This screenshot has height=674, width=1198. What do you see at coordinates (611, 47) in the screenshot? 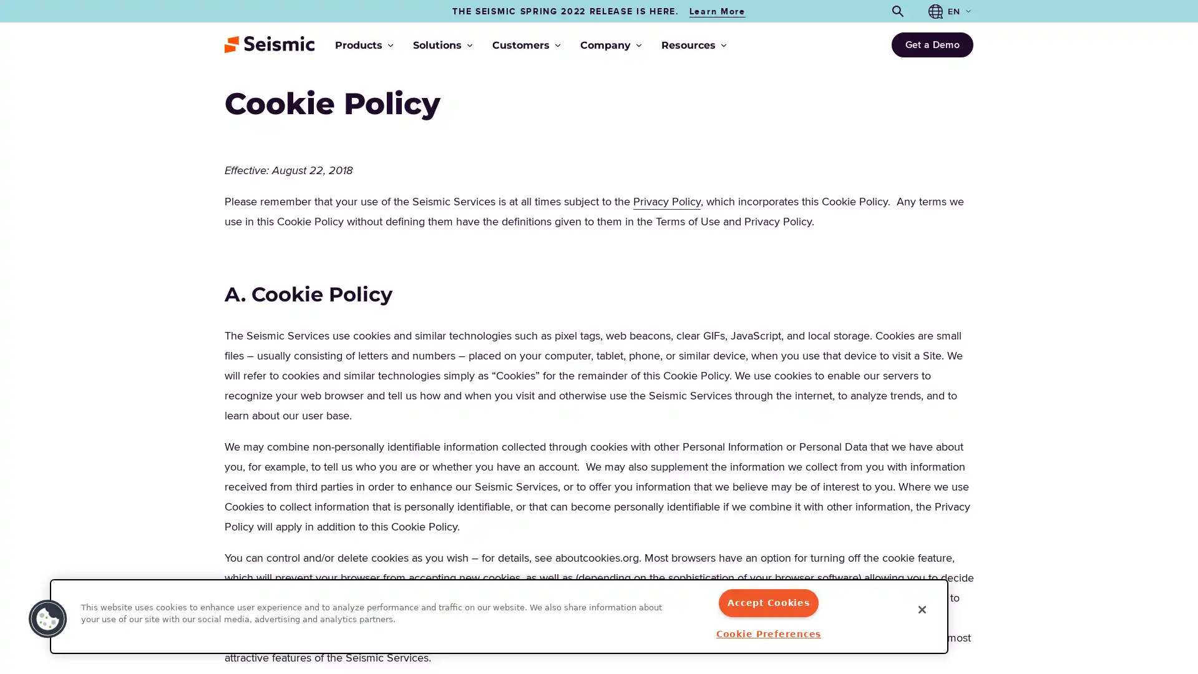
I see `Company` at bounding box center [611, 47].